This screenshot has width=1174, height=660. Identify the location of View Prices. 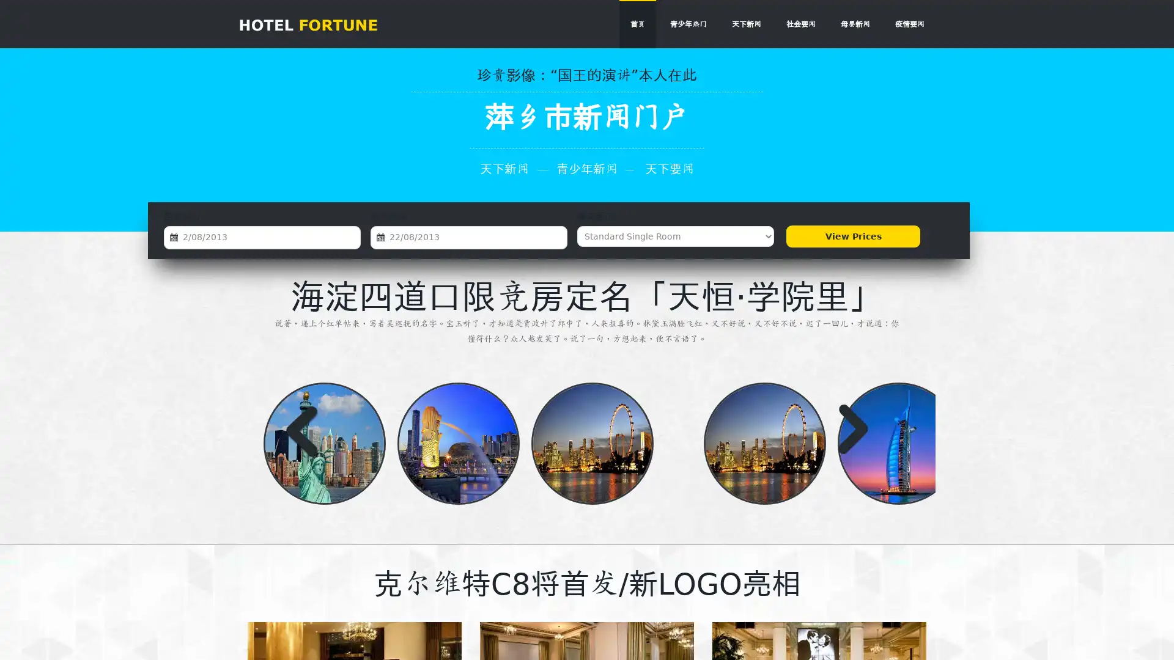
(852, 236).